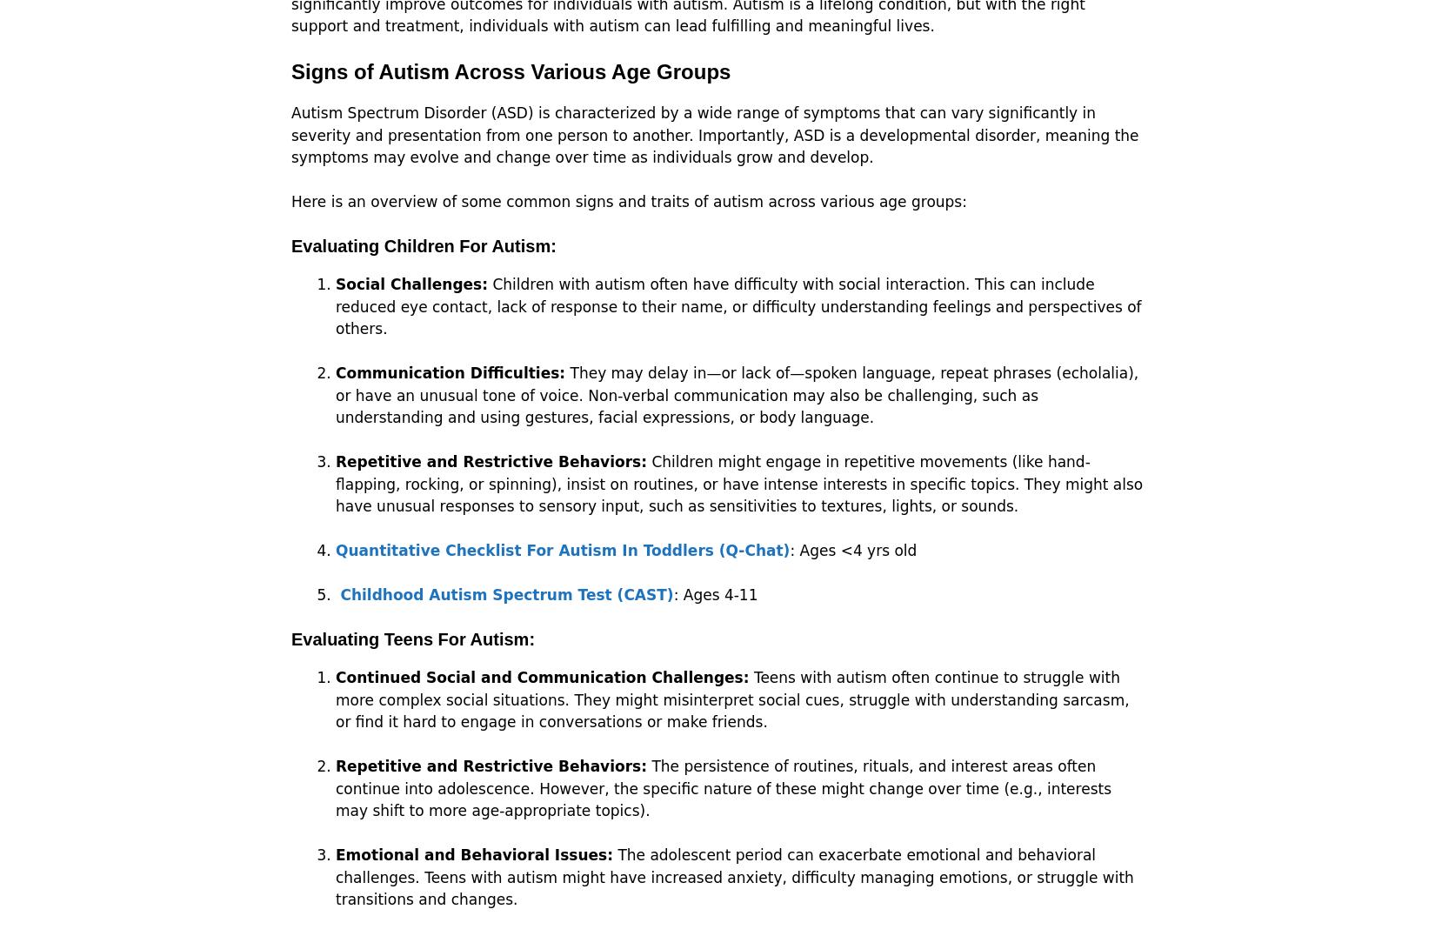 Image resolution: width=1435 pixels, height=936 pixels. Describe the element at coordinates (739, 483) in the screenshot. I see `'Children might engage in repetitive movements (like hand-flapping, rocking, or spinning), insist on routines, or have intense interests in specific topics. They might also have unusual responses to sensory input, such as sensitivities to textures, lights, or sounds.'` at that location.